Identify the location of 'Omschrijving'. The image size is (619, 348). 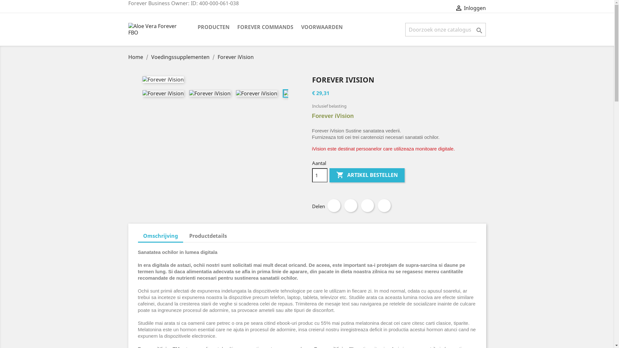
(161, 236).